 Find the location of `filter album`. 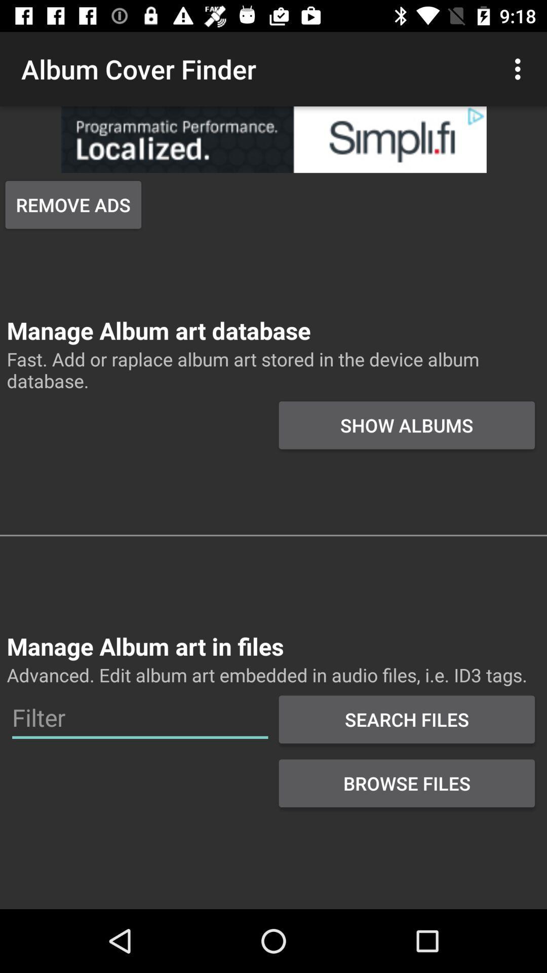

filter album is located at coordinates (140, 717).